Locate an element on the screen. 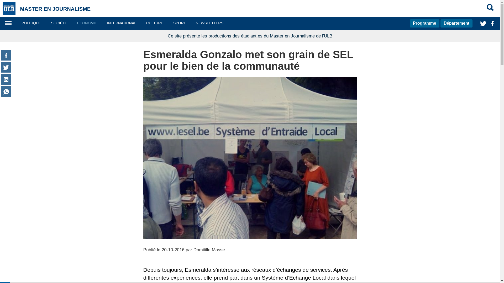 The image size is (504, 283). 'INTERNATIONAL' is located at coordinates (102, 23).